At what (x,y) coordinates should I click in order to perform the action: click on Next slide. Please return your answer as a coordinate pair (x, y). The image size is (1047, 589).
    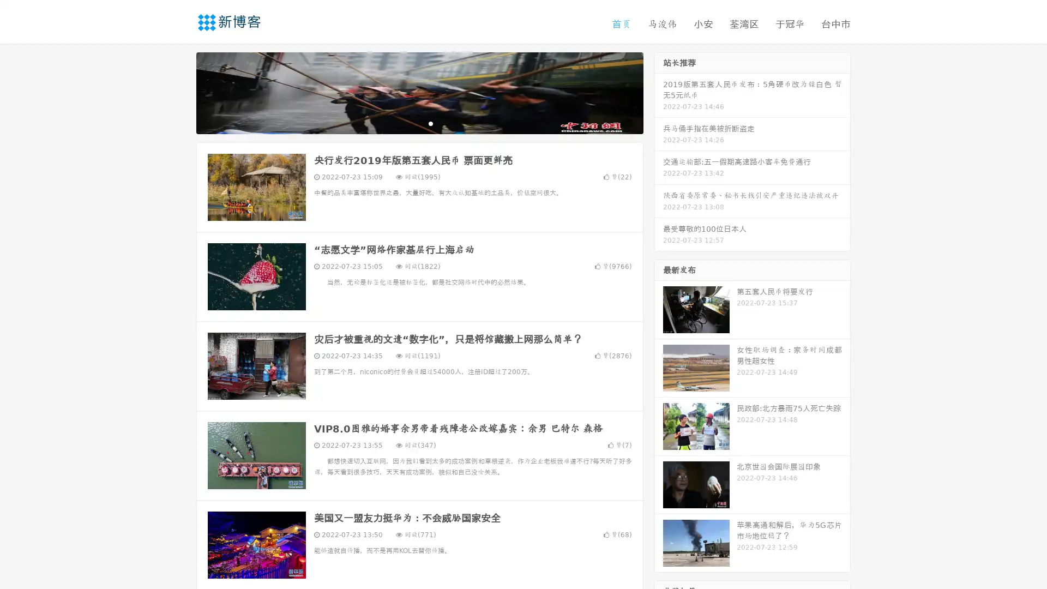
    Looking at the image, I should click on (659, 92).